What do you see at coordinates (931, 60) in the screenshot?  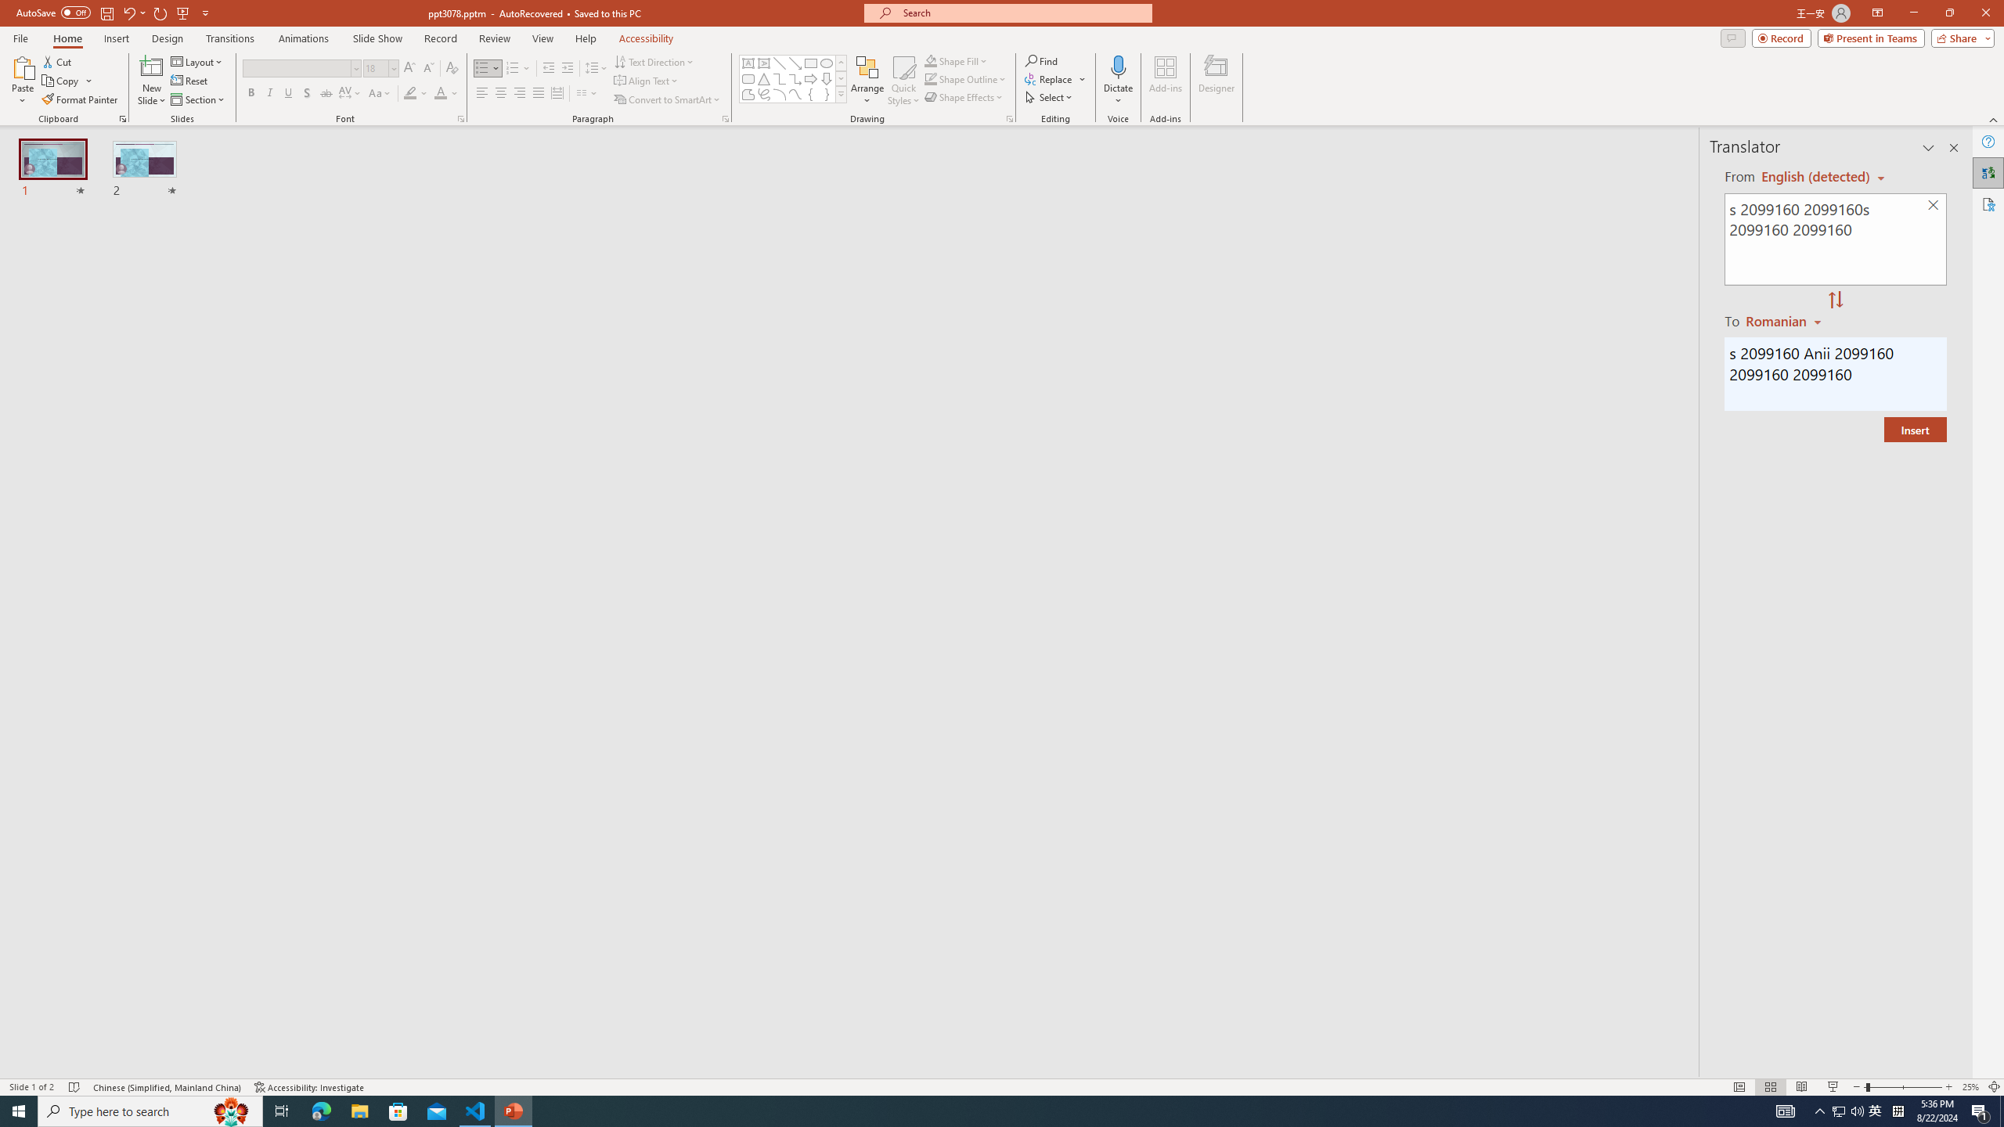 I see `'Shape Fill Dark Green, Accent 2'` at bounding box center [931, 60].